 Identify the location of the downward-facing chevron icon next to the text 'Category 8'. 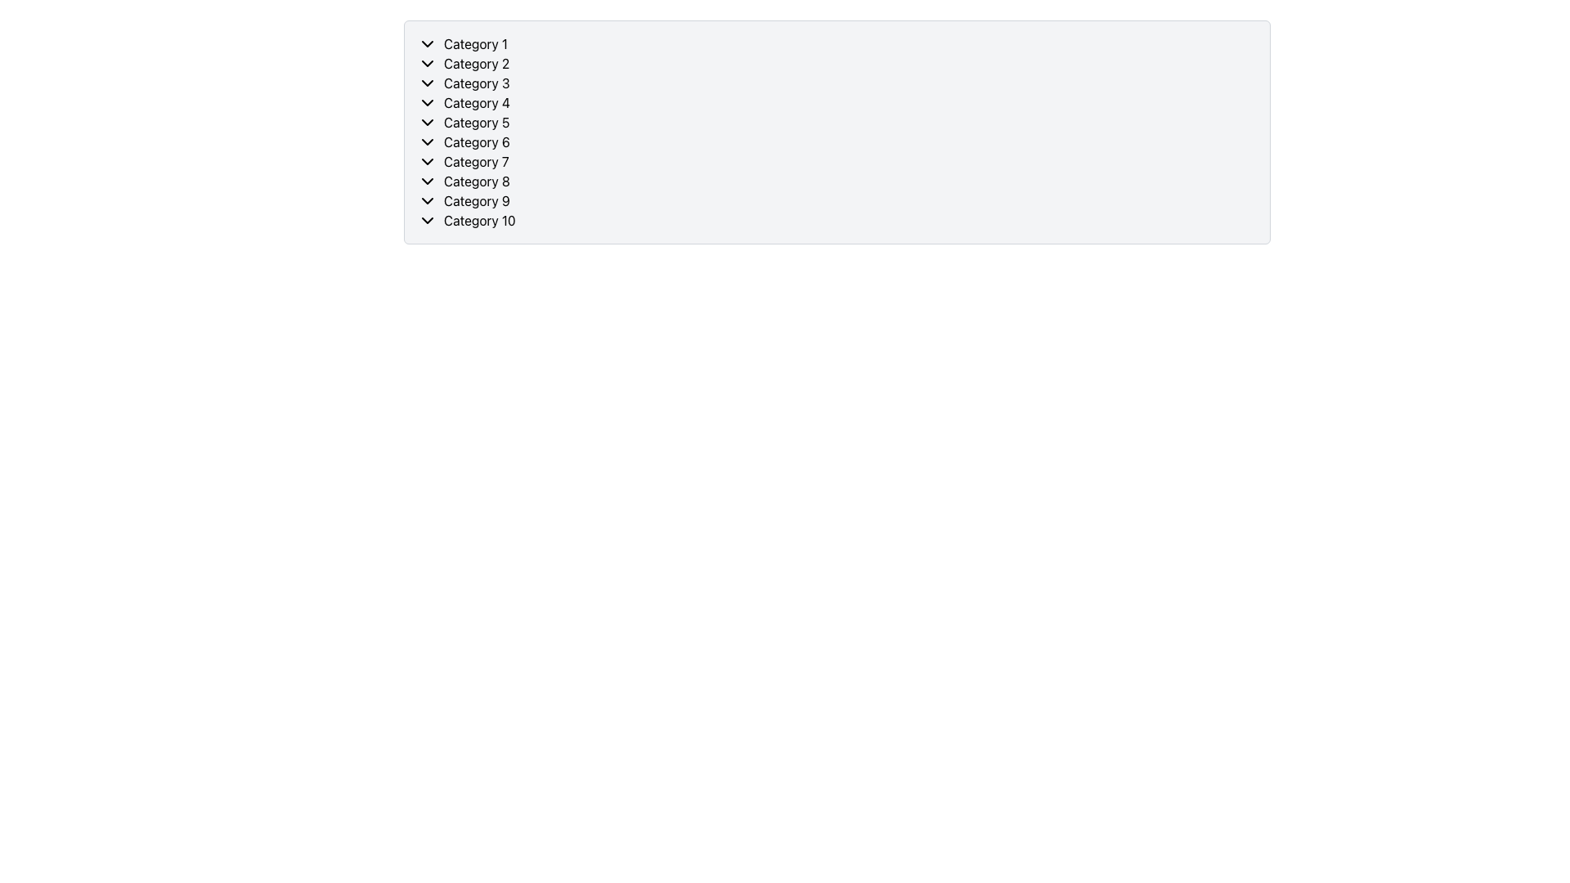
(428, 182).